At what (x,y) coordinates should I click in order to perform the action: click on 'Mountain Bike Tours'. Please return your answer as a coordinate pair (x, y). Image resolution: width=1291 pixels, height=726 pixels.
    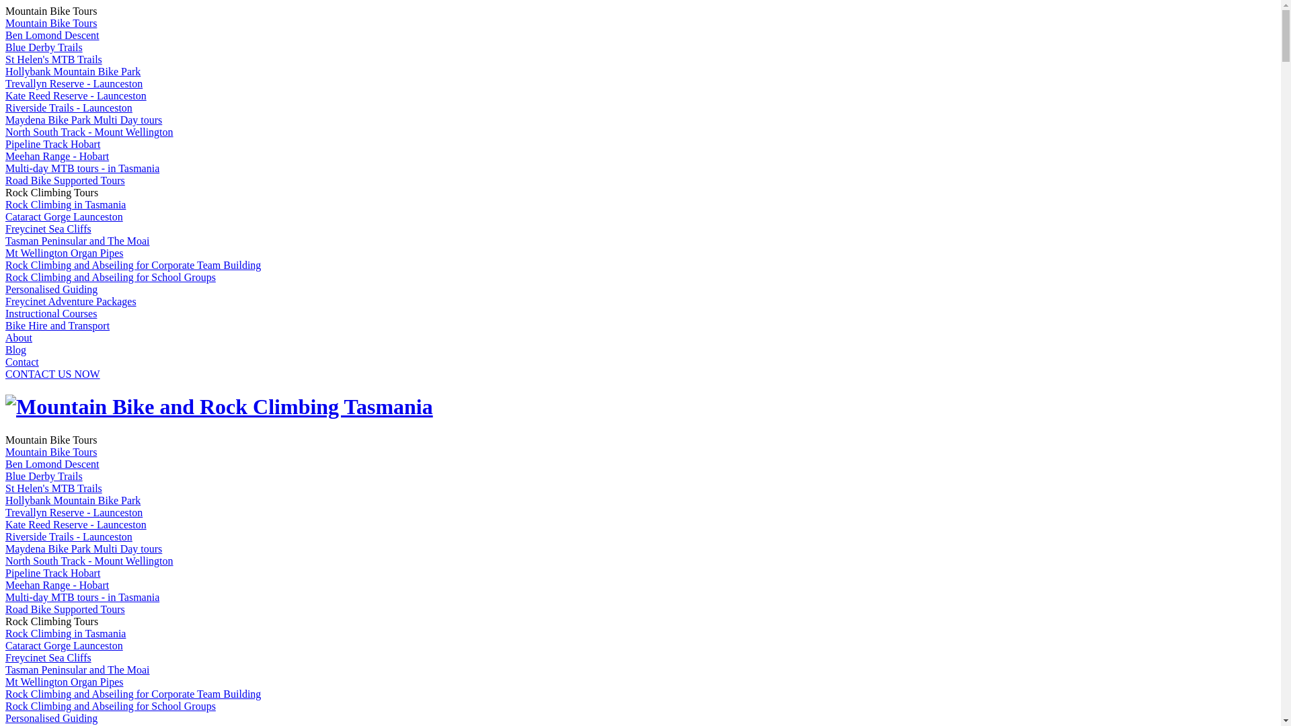
    Looking at the image, I should click on (51, 452).